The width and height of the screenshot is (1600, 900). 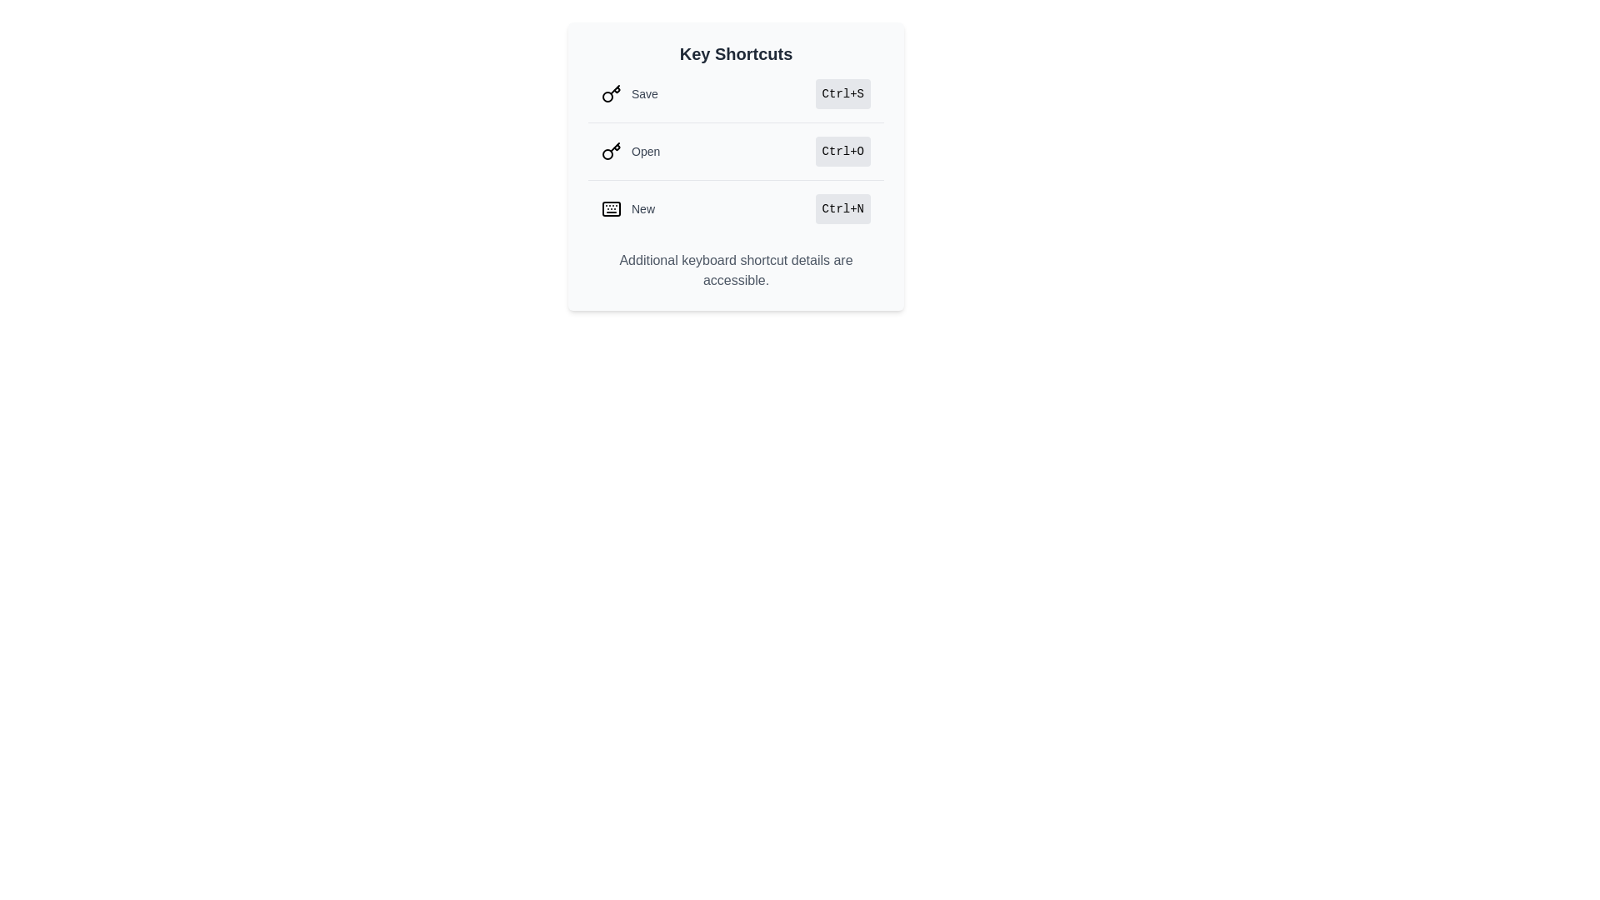 What do you see at coordinates (642, 207) in the screenshot?
I see `the 'New' label, which indicates the 'Ctrl+N' keyboard shortcut and is positioned to the right of the keyboard icon in the shortcut descriptions section` at bounding box center [642, 207].